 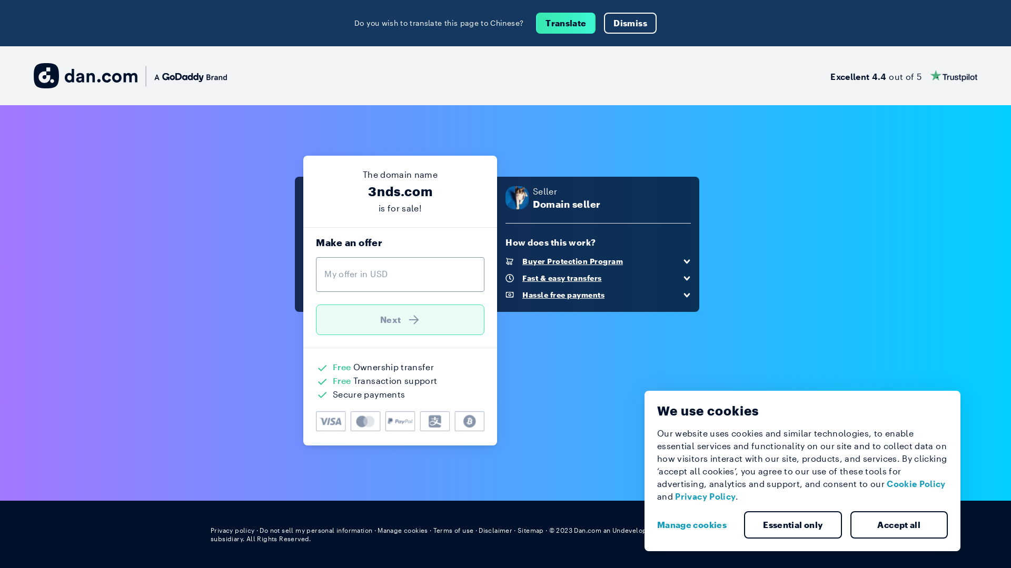 I want to click on 'Accept all', so click(x=898, y=525).